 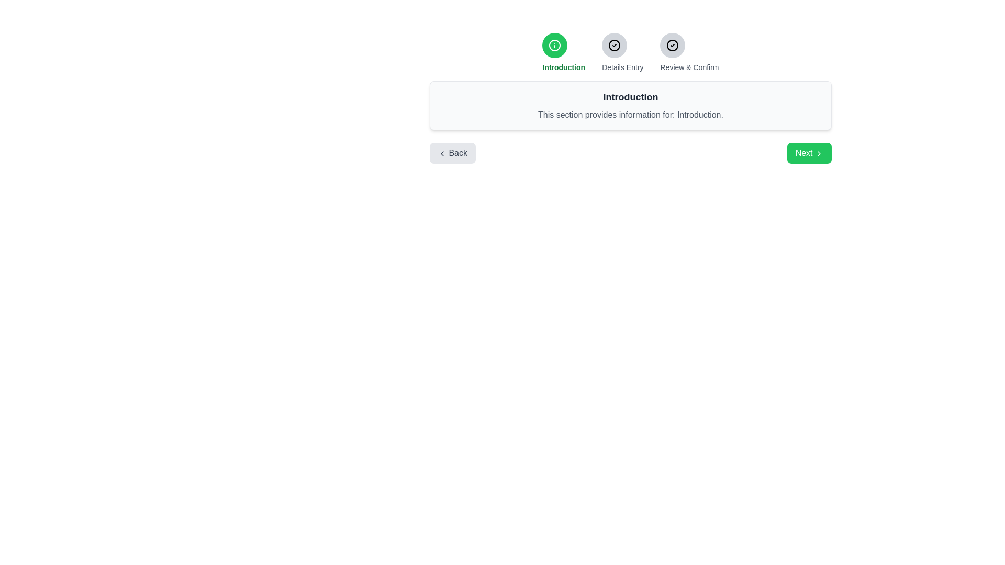 I want to click on the step indicator for Review & Confirm, so click(x=673, y=45).